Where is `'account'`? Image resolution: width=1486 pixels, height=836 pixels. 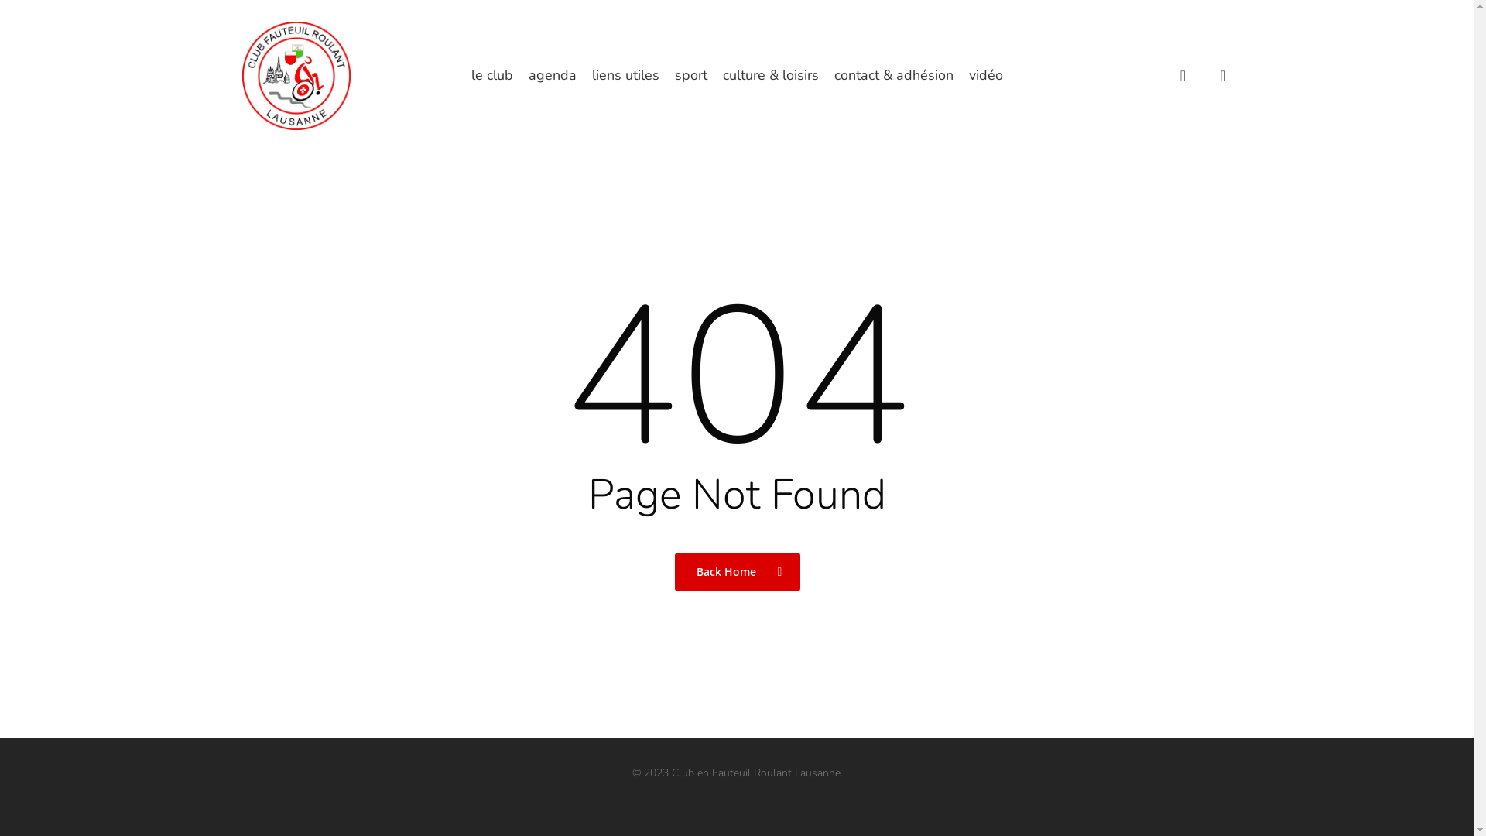
'account' is located at coordinates (1221, 76).